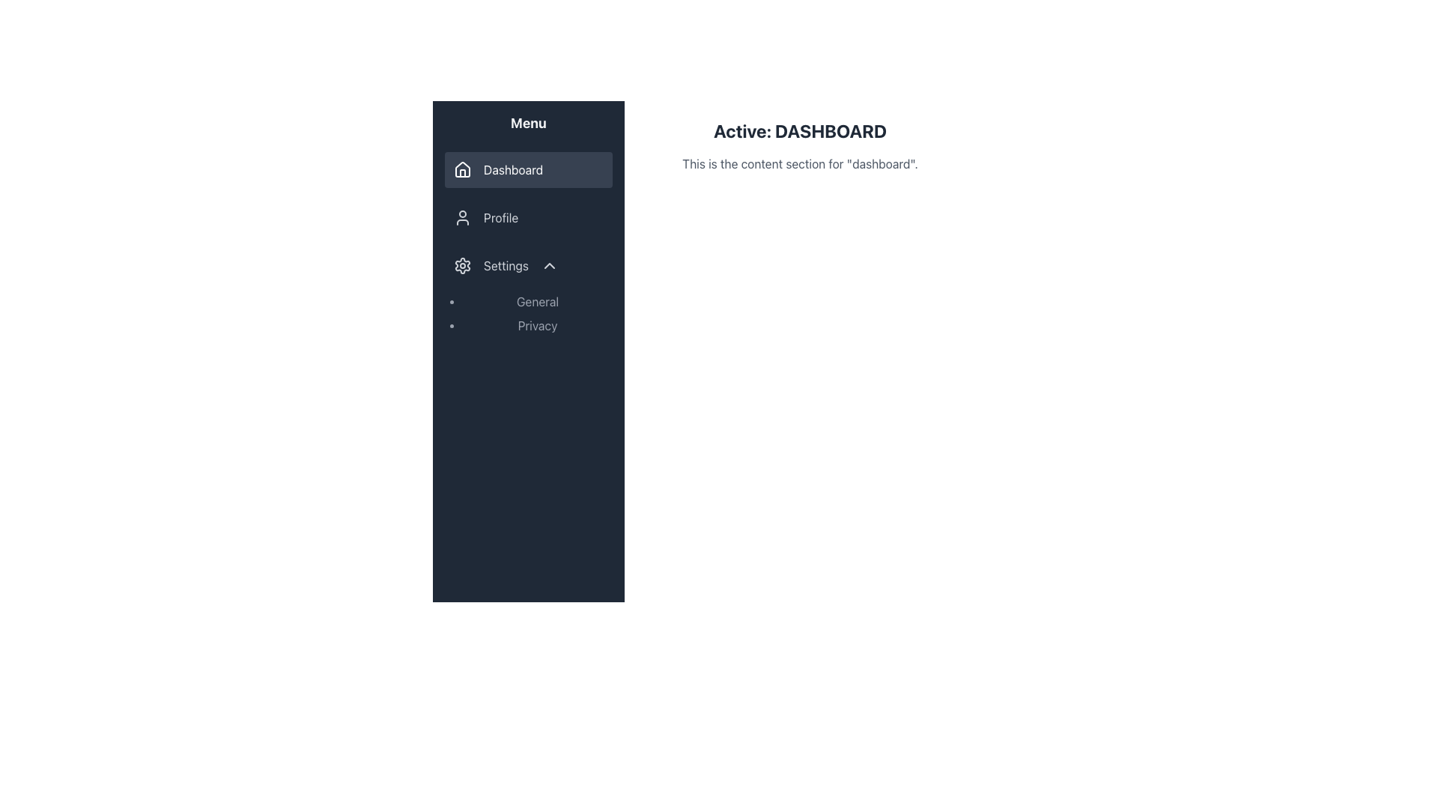  I want to click on the navigation menu item labeled 'Dashboard' located under the 'Menu' title, so click(528, 169).